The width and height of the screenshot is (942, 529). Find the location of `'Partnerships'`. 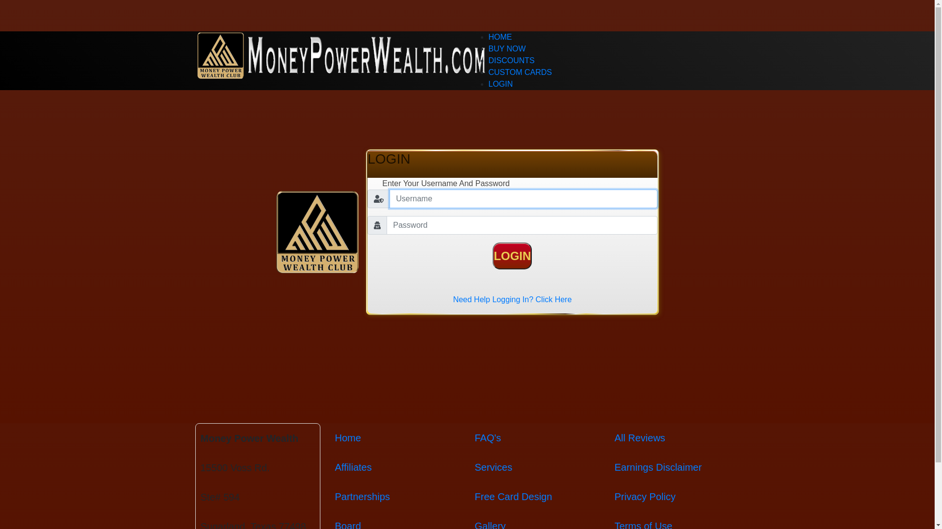

'Partnerships' is located at coordinates (362, 497).